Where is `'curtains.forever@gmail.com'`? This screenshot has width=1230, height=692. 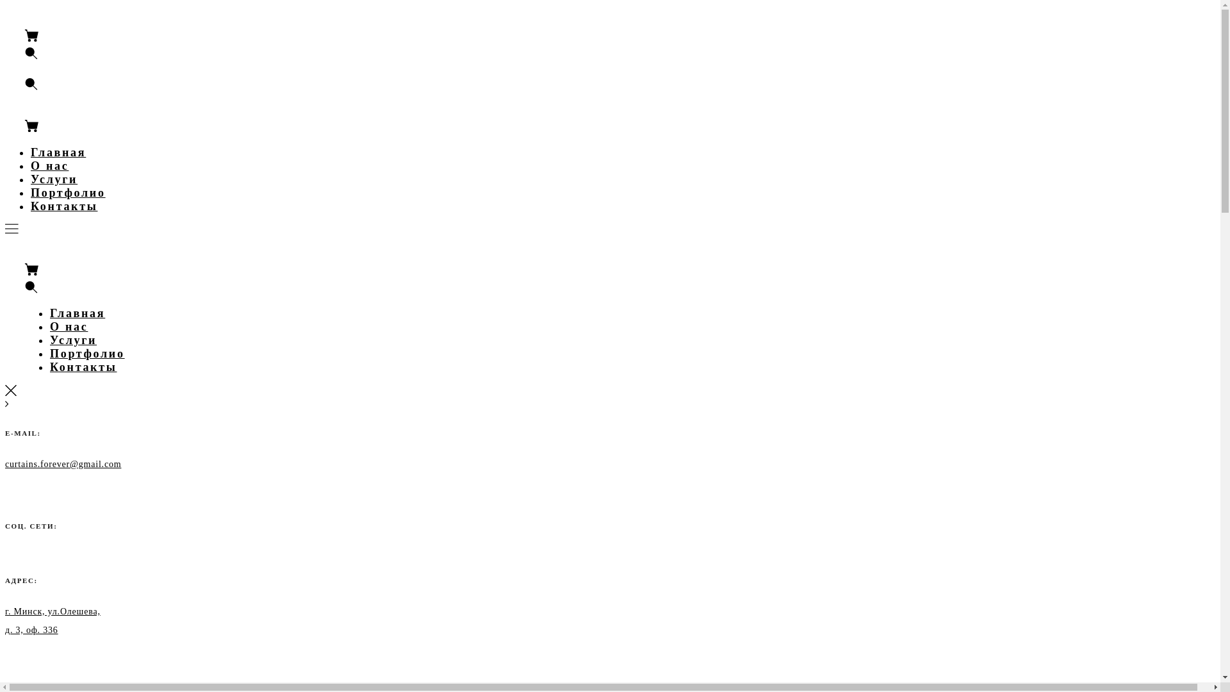 'curtains.forever@gmail.com' is located at coordinates (5, 463).